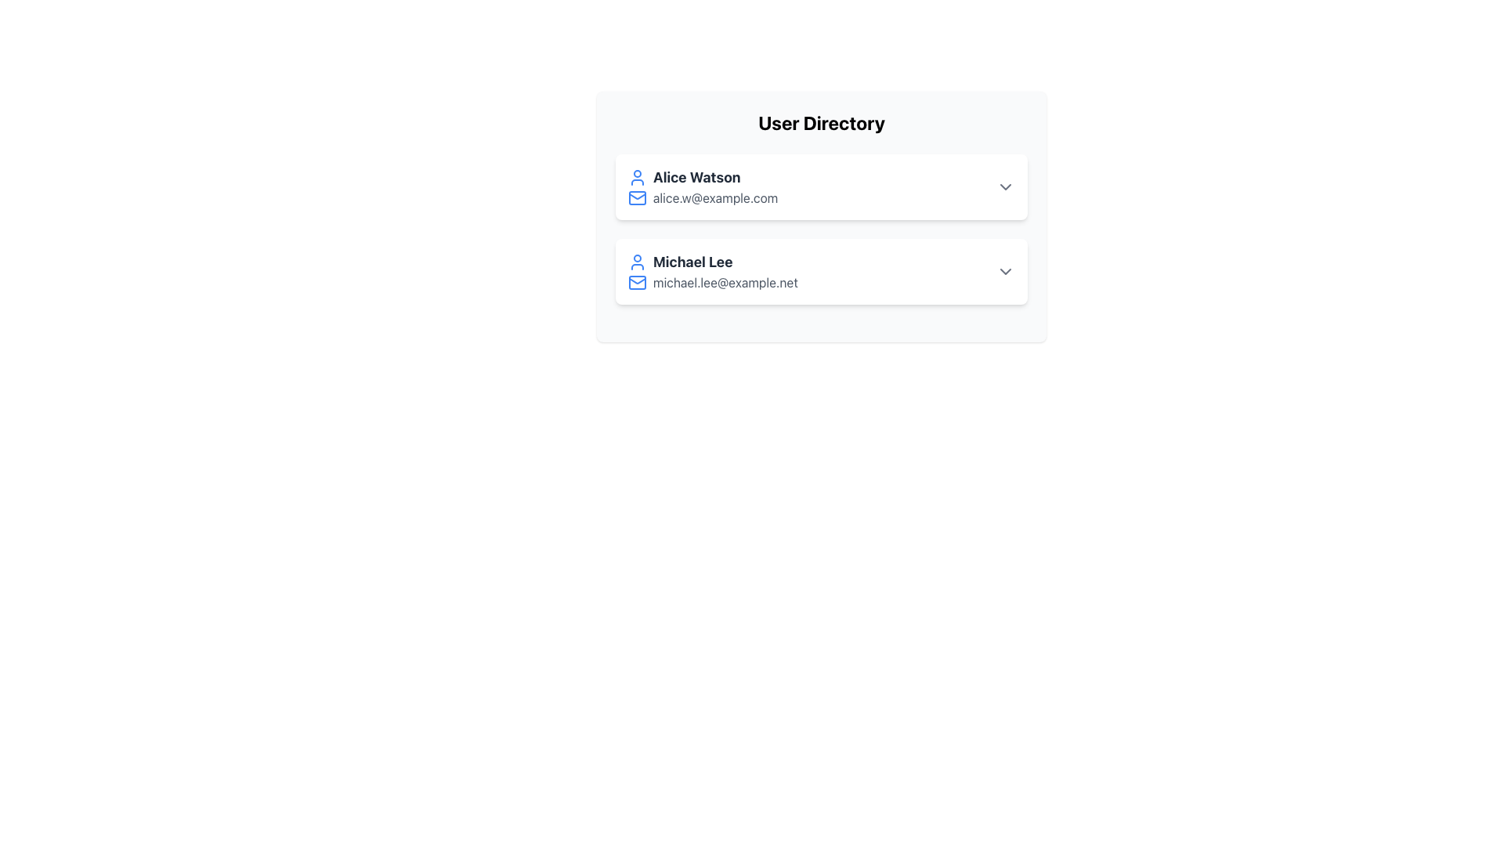  I want to click on the email icon located to the left of the text 'michael.lee@example.net' in the second entry of the user directory, so click(638, 283).